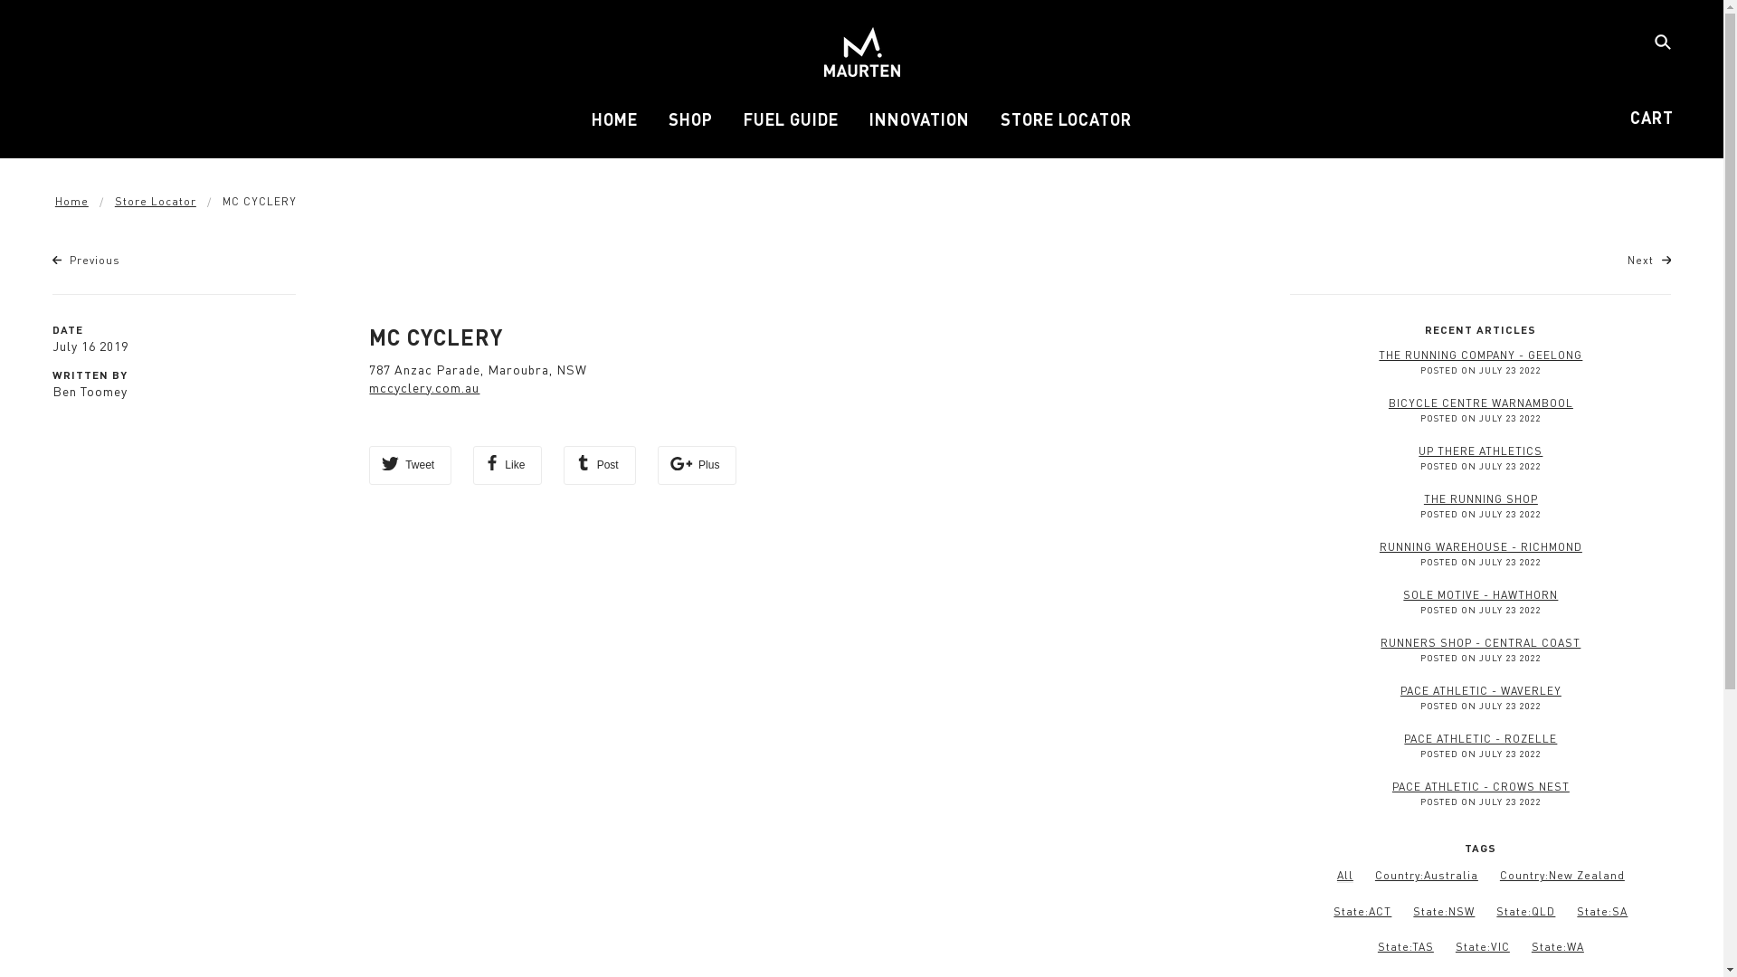 This screenshot has height=977, width=1737. Describe the element at coordinates (86, 260) in the screenshot. I see `'Previous'` at that location.